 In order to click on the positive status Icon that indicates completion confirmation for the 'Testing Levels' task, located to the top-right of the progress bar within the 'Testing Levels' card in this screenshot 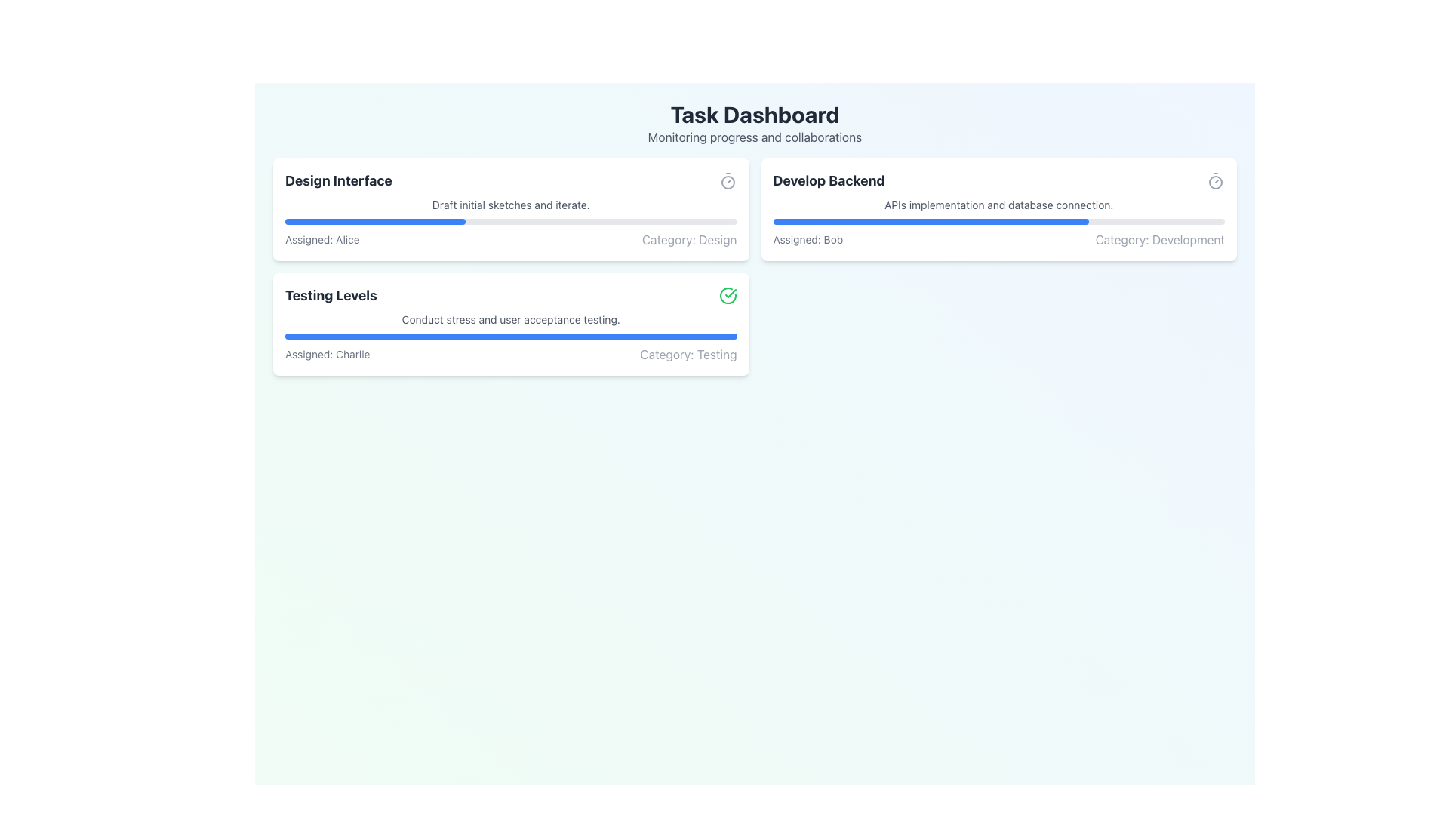, I will do `click(731, 294)`.